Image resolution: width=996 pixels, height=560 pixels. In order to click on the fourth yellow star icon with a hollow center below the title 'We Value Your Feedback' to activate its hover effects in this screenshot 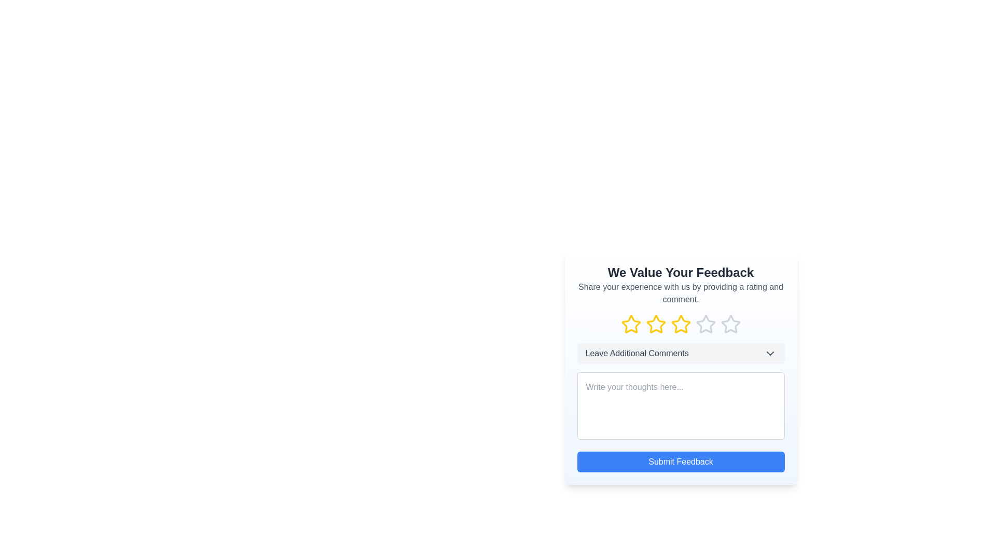, I will do `click(681, 324)`.